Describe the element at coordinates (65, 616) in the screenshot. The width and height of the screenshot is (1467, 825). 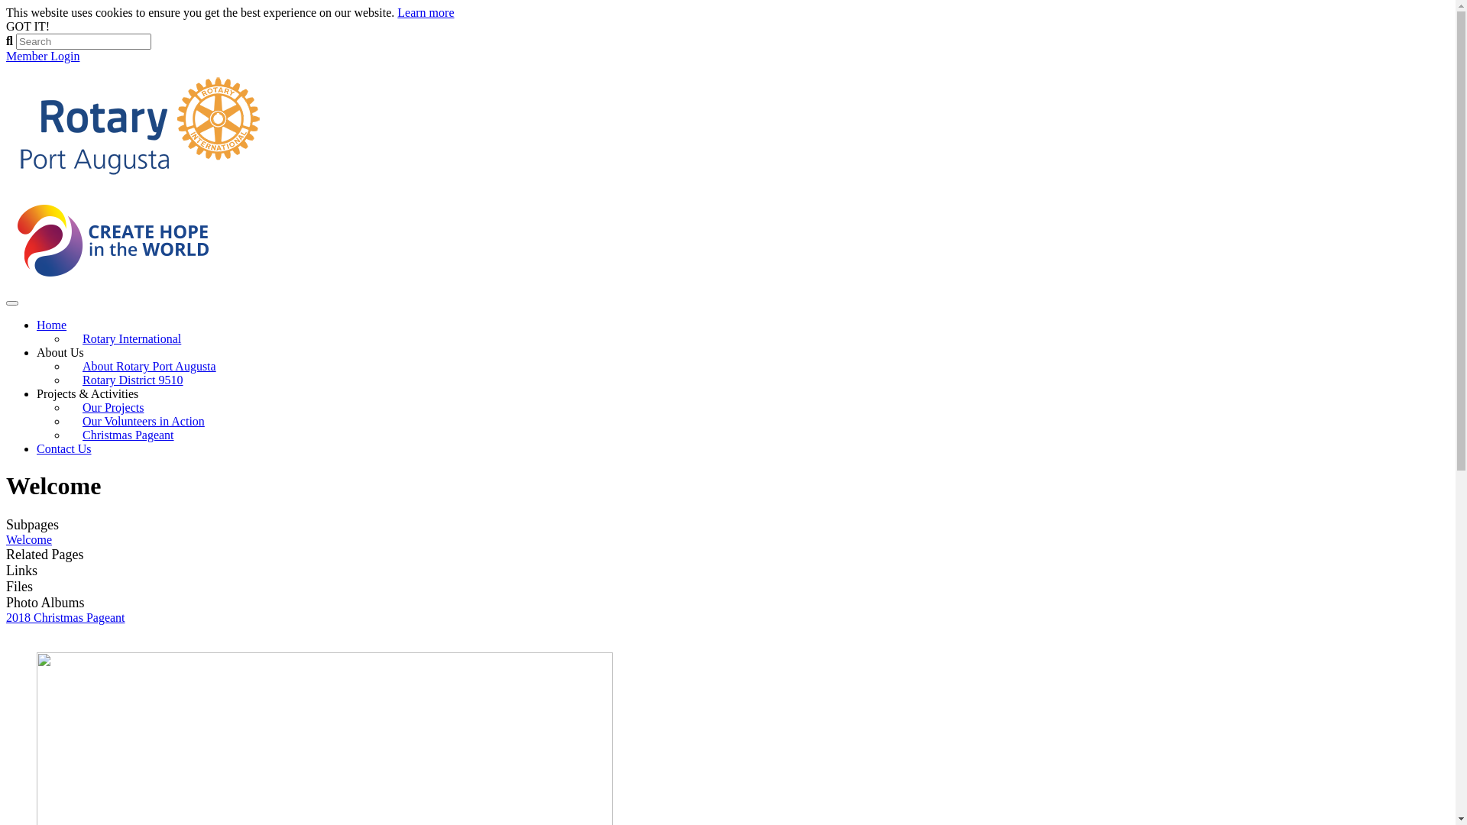
I see `'2018 Christmas Pageant'` at that location.